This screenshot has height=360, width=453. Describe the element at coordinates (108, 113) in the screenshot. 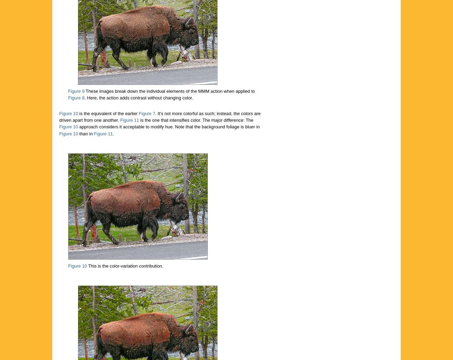

I see `'is the equivalent of the earlier'` at that location.